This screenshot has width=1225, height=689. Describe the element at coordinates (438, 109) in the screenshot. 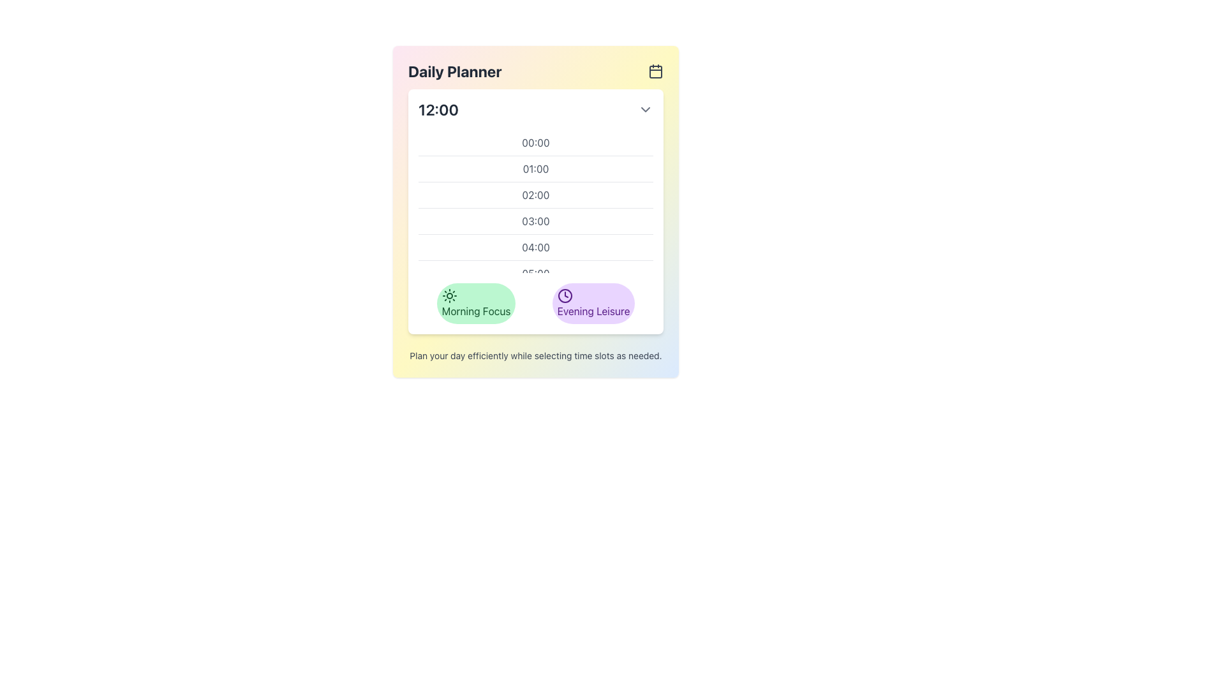

I see `the text label indicating the currently selected time in the scheduler interface, located at the top of the dropdown content of the 'Daily Planner' card` at that location.